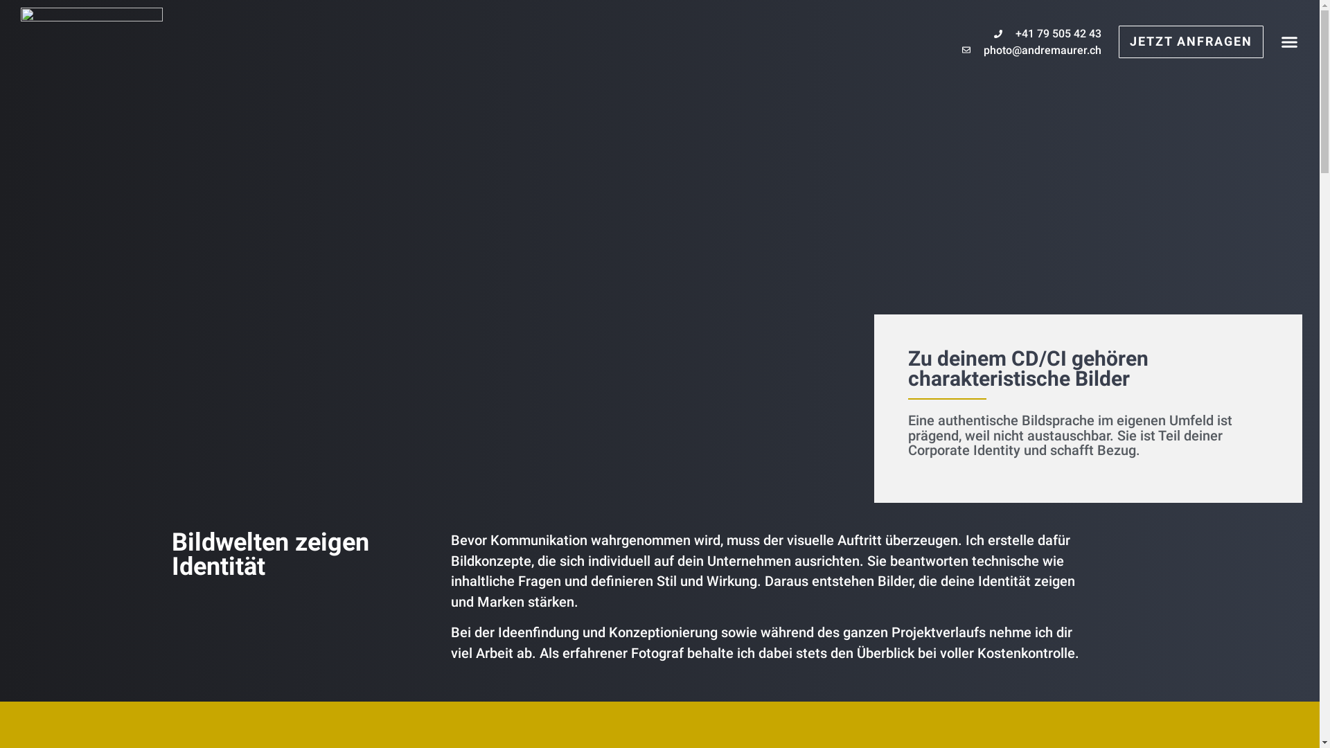 Image resolution: width=1330 pixels, height=748 pixels. What do you see at coordinates (1190, 41) in the screenshot?
I see `'JETZT ANFRAGEN'` at bounding box center [1190, 41].